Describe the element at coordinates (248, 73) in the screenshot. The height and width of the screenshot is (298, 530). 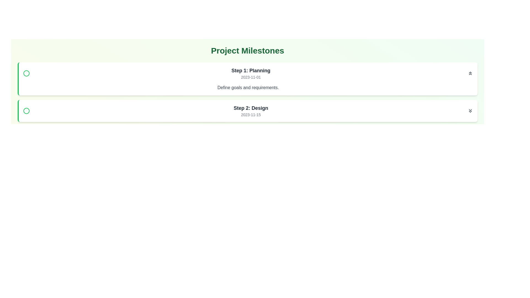
I see `the Interactive list item labeled 'Step 1: Planning' for keyboard navigation` at that location.